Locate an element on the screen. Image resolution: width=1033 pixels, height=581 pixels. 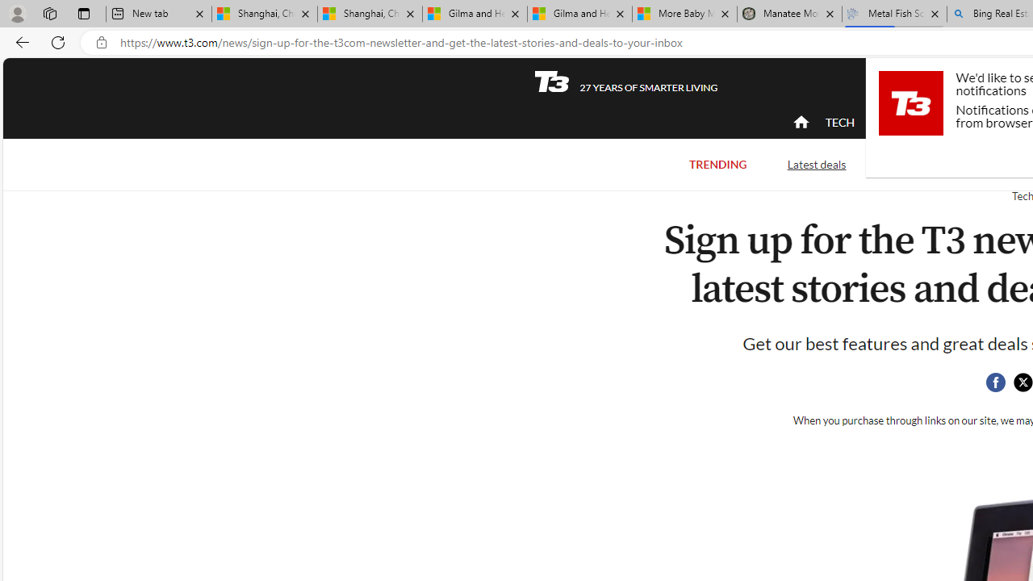
'Shanghai, China weather forecast | Microsoft Weather' is located at coordinates (369, 14).